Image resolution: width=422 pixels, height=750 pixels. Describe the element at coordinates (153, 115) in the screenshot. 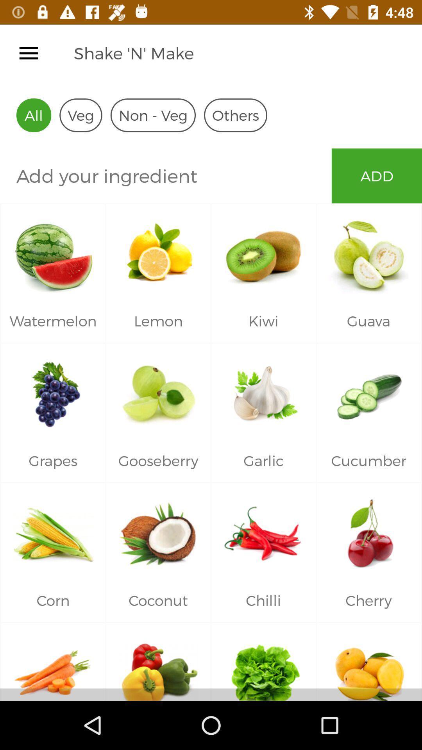

I see `the icon to the left of the others` at that location.